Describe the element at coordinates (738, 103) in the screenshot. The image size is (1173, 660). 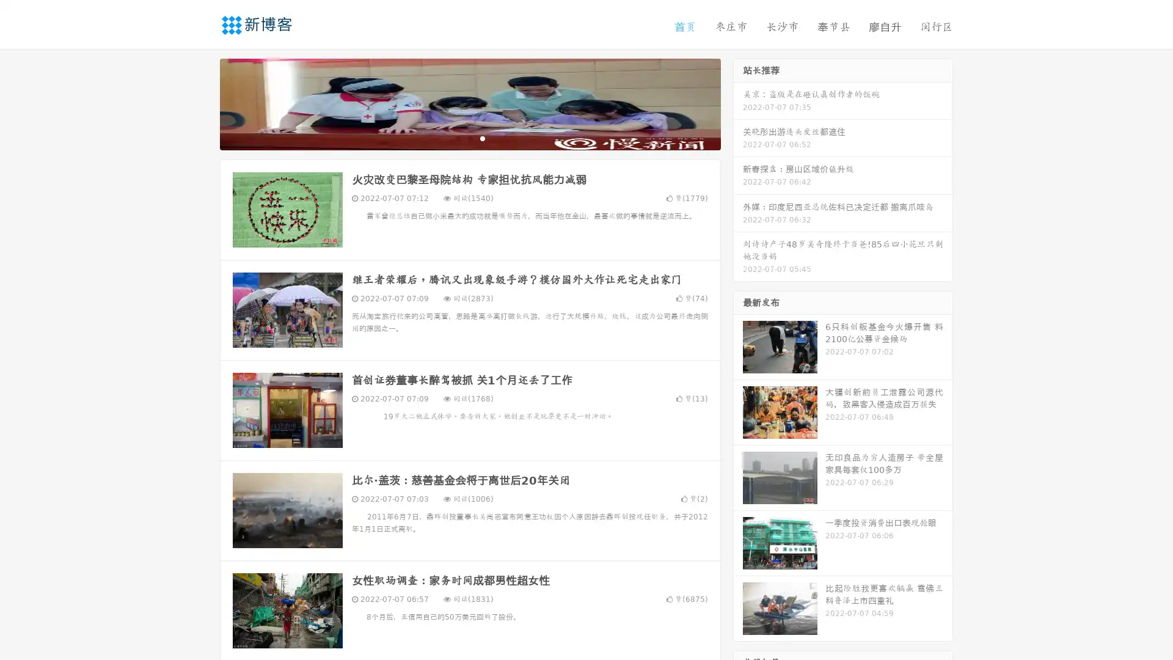
I see `Next slide` at that location.